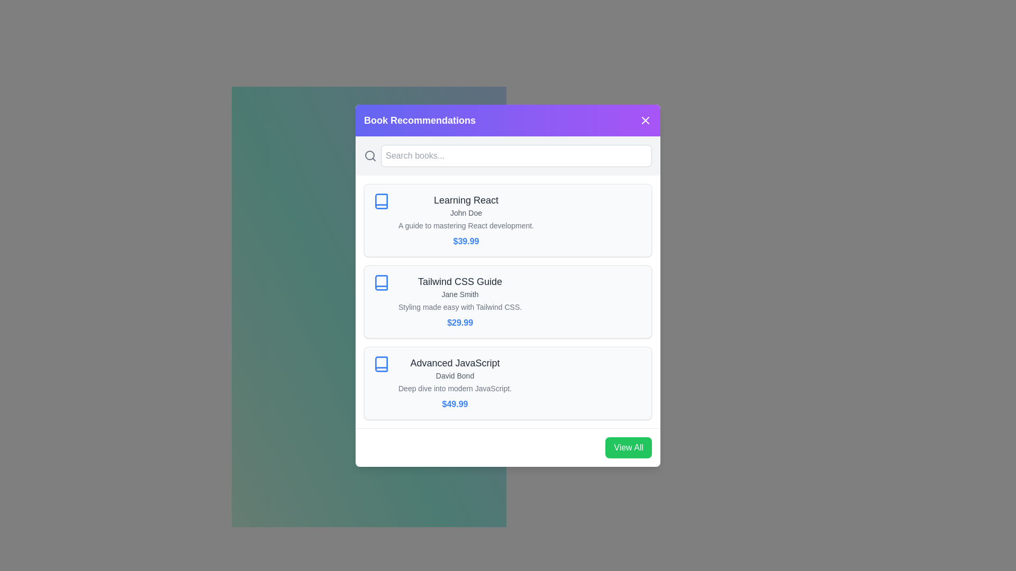  Describe the element at coordinates (455, 388) in the screenshot. I see `textual description stating 'Deep dive into modern JavaScript' which is styled in a smaller, lighter gray font, located below the author name and above the price in the third book recommendation card` at that location.